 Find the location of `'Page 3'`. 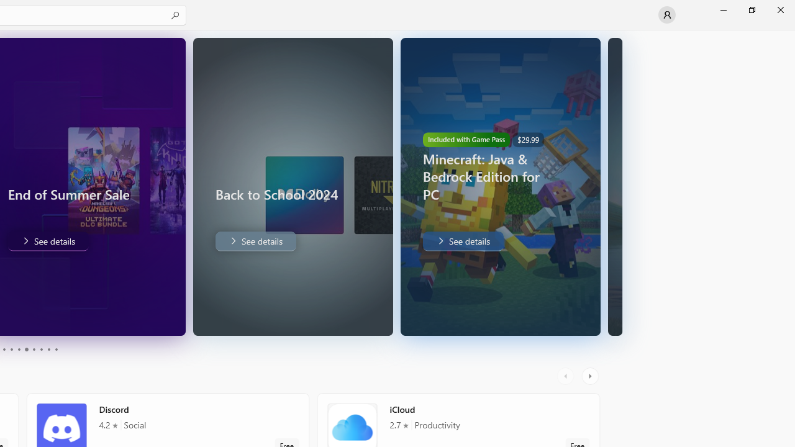

'Page 3' is located at coordinates (3, 350).